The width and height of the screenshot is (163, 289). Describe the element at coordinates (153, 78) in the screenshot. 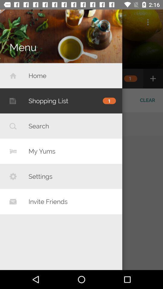

I see `the plus icon` at that location.